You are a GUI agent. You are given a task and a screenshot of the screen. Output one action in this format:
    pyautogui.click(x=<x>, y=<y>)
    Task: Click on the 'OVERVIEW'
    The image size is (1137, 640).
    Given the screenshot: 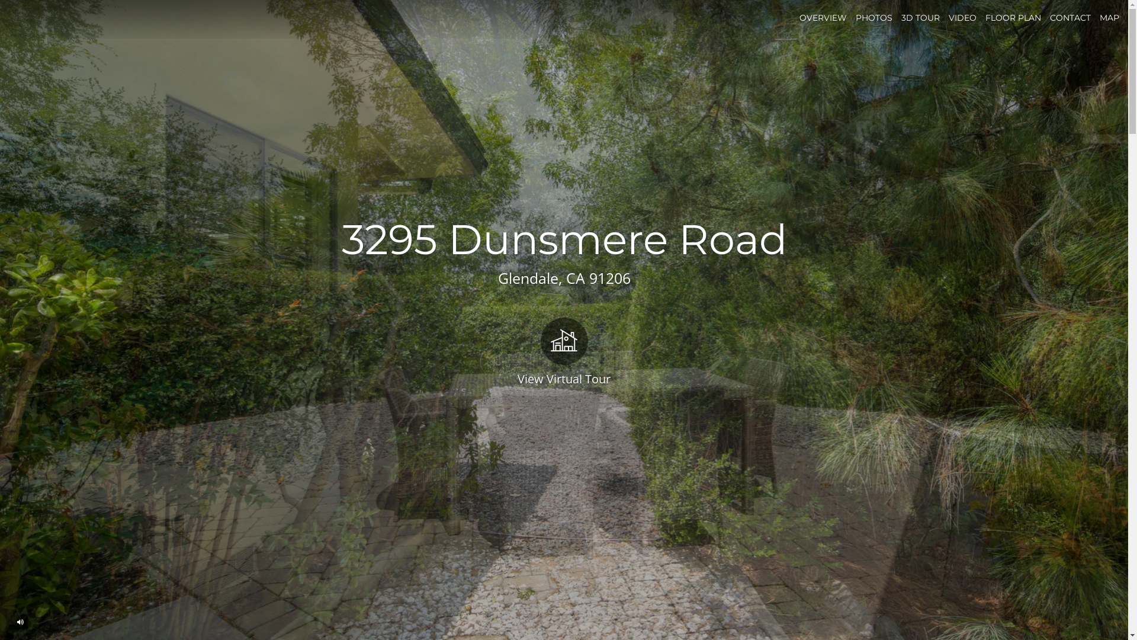 What is the action you would take?
    pyautogui.click(x=823, y=18)
    